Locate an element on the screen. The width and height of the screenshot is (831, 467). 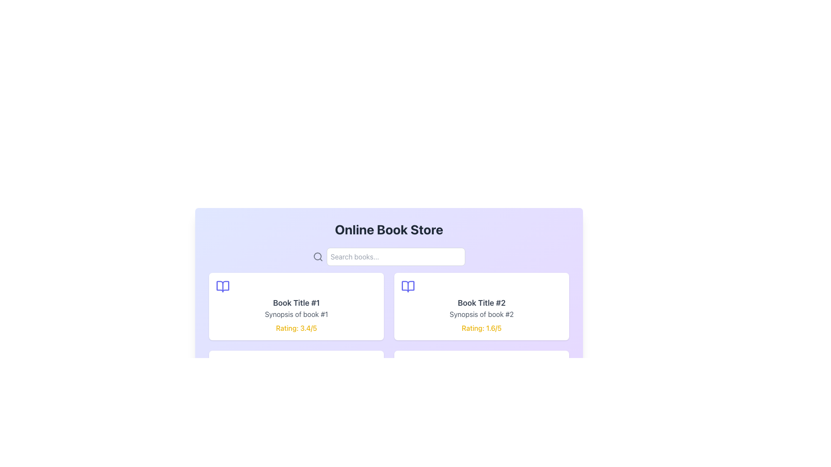
the book card item that displays the book's title, synopsis, and rating, located in the first column of the first row of the grid layout is located at coordinates (296, 306).